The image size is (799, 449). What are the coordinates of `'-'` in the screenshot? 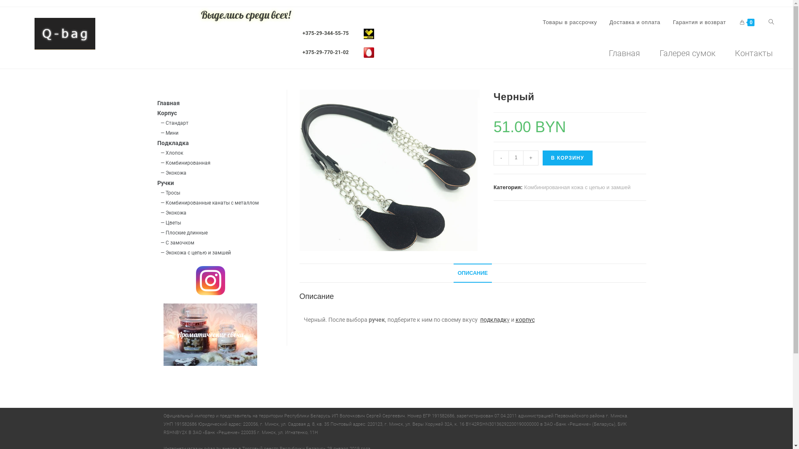 It's located at (493, 158).